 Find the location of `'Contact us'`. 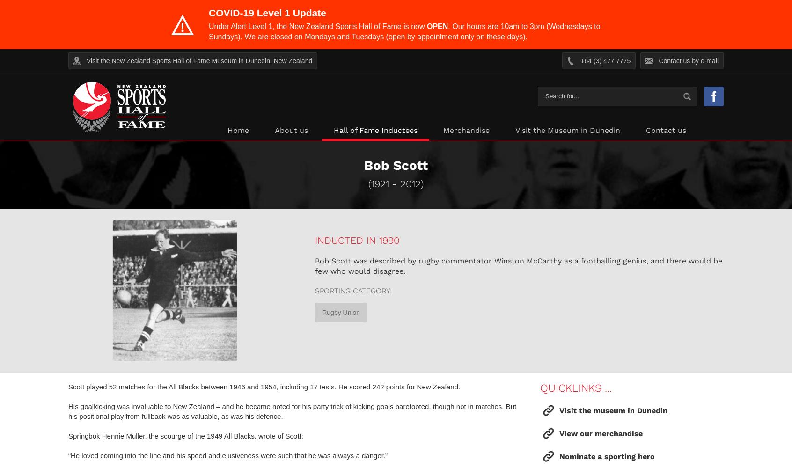

'Contact us' is located at coordinates (665, 130).